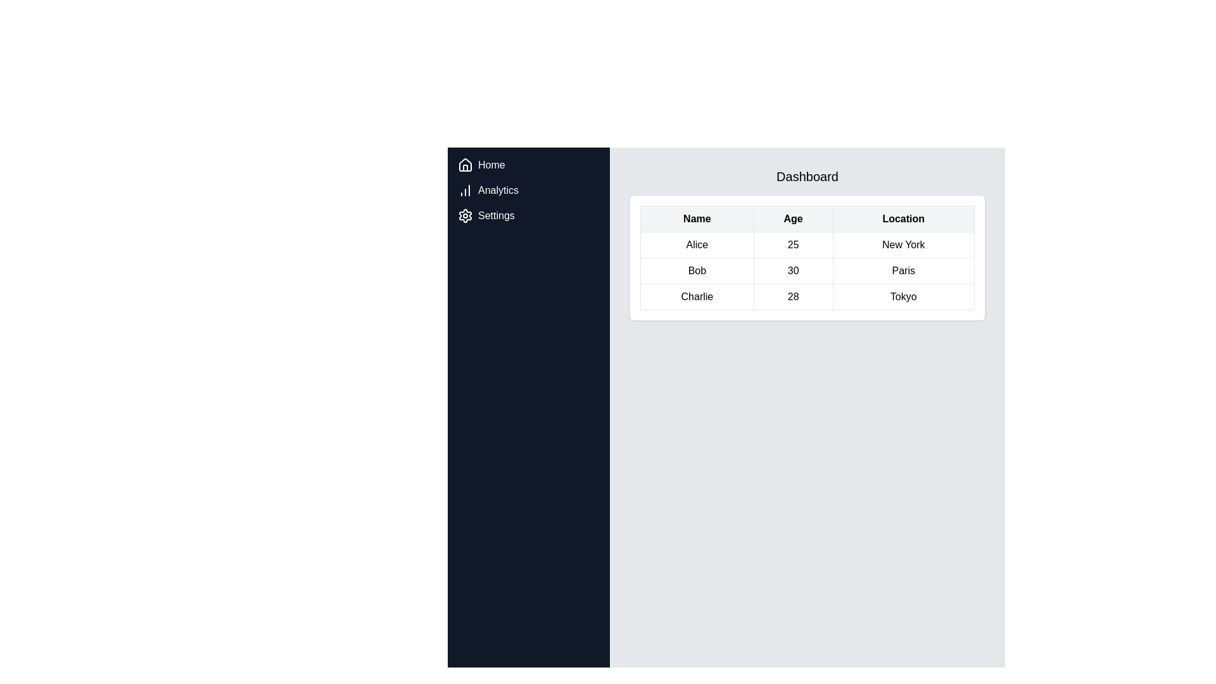  I want to click on the 'Settings' menu item, which is the third entry in a vertical sidebar menu, so click(529, 215).